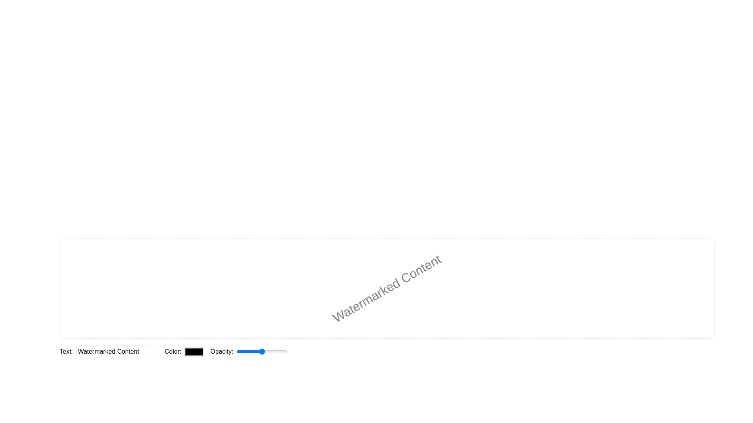  What do you see at coordinates (194, 351) in the screenshot?
I see `the Color picker input box` at bounding box center [194, 351].